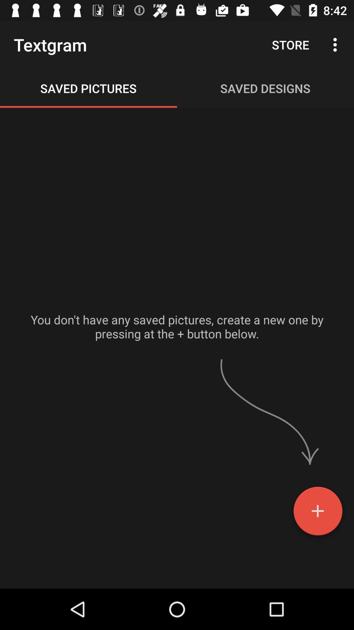 The image size is (354, 630). Describe the element at coordinates (290, 44) in the screenshot. I see `the store` at that location.